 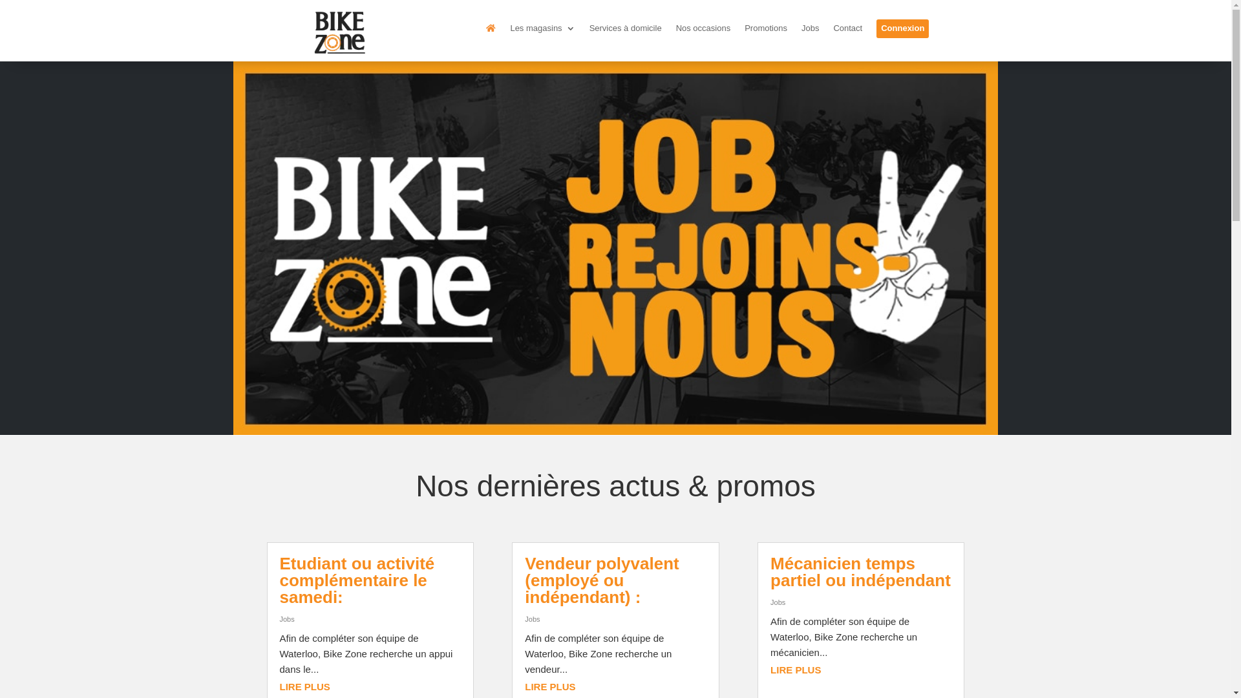 What do you see at coordinates (549, 686) in the screenshot?
I see `'LIRE PLUS'` at bounding box center [549, 686].